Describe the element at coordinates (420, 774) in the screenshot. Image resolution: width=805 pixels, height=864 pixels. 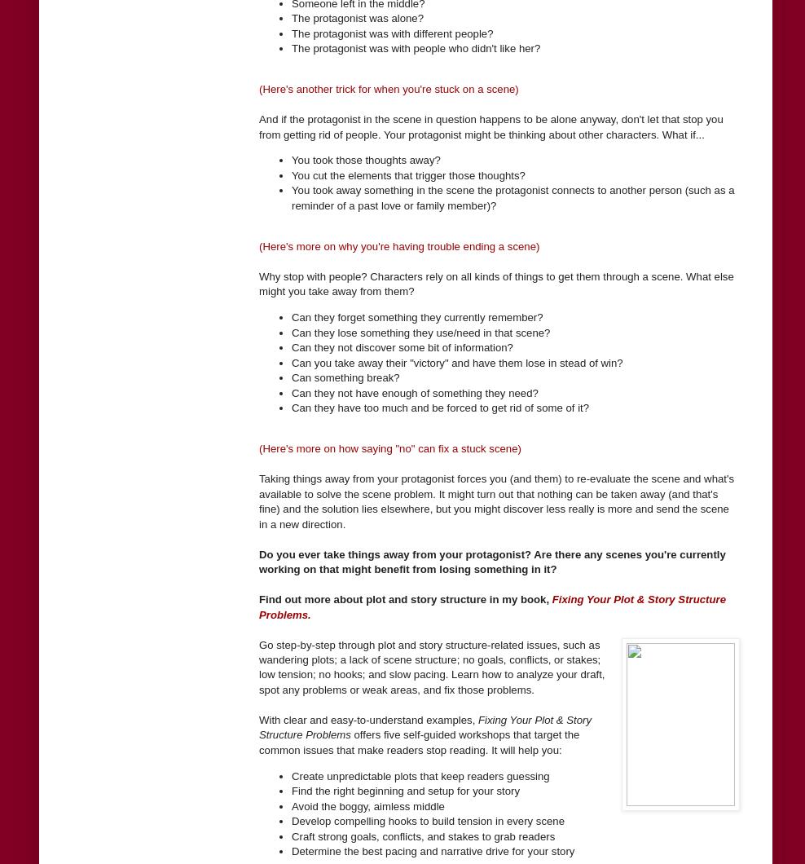
I see `'Create unpredictable plots that keep readers guessing'` at that location.